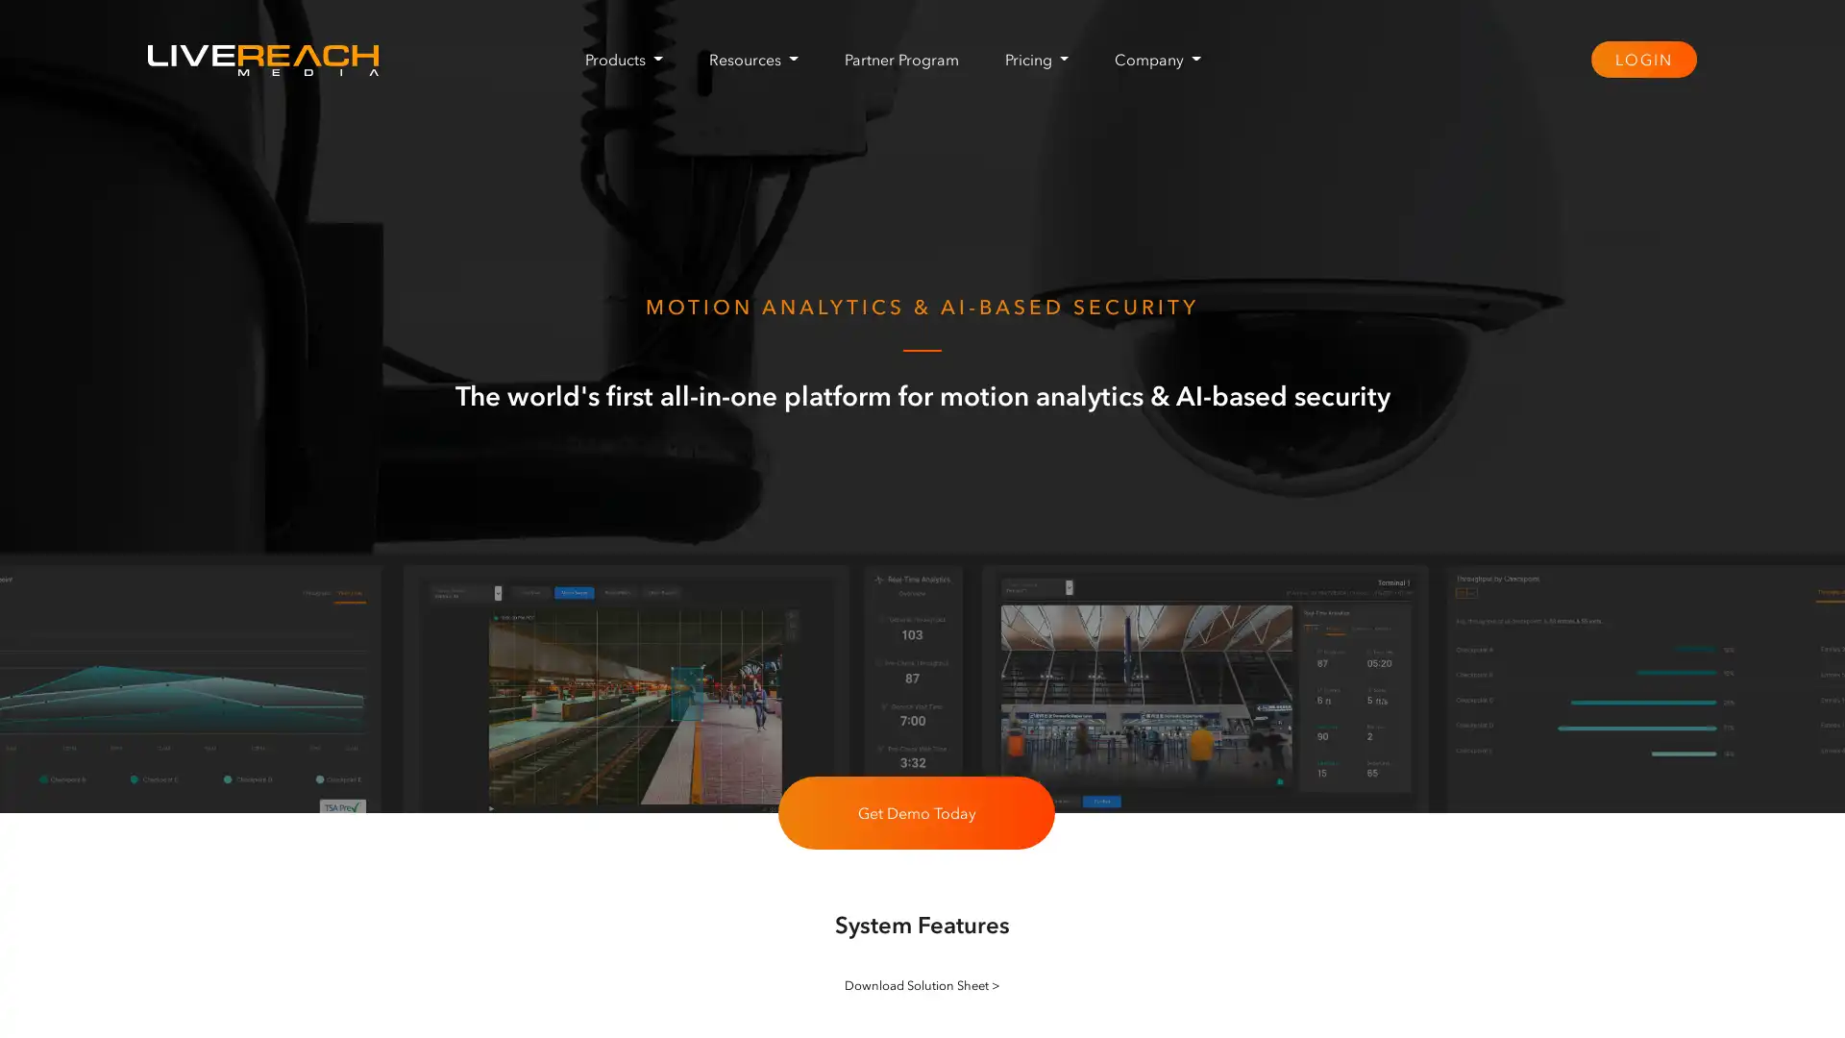 Image resolution: width=1845 pixels, height=1038 pixels. Describe the element at coordinates (916, 812) in the screenshot. I see `Get Demo Today` at that location.